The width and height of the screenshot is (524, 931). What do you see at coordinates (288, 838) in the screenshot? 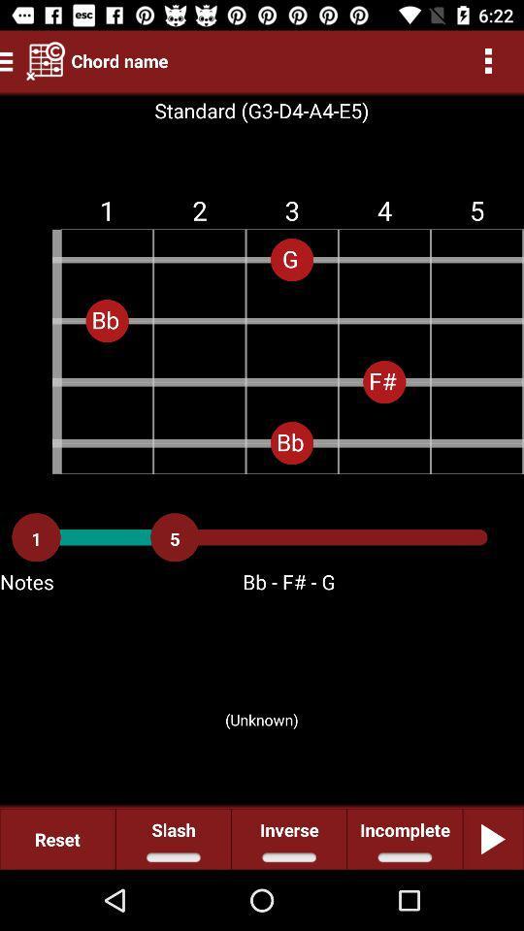
I see `the item to the right of the slash item` at bounding box center [288, 838].